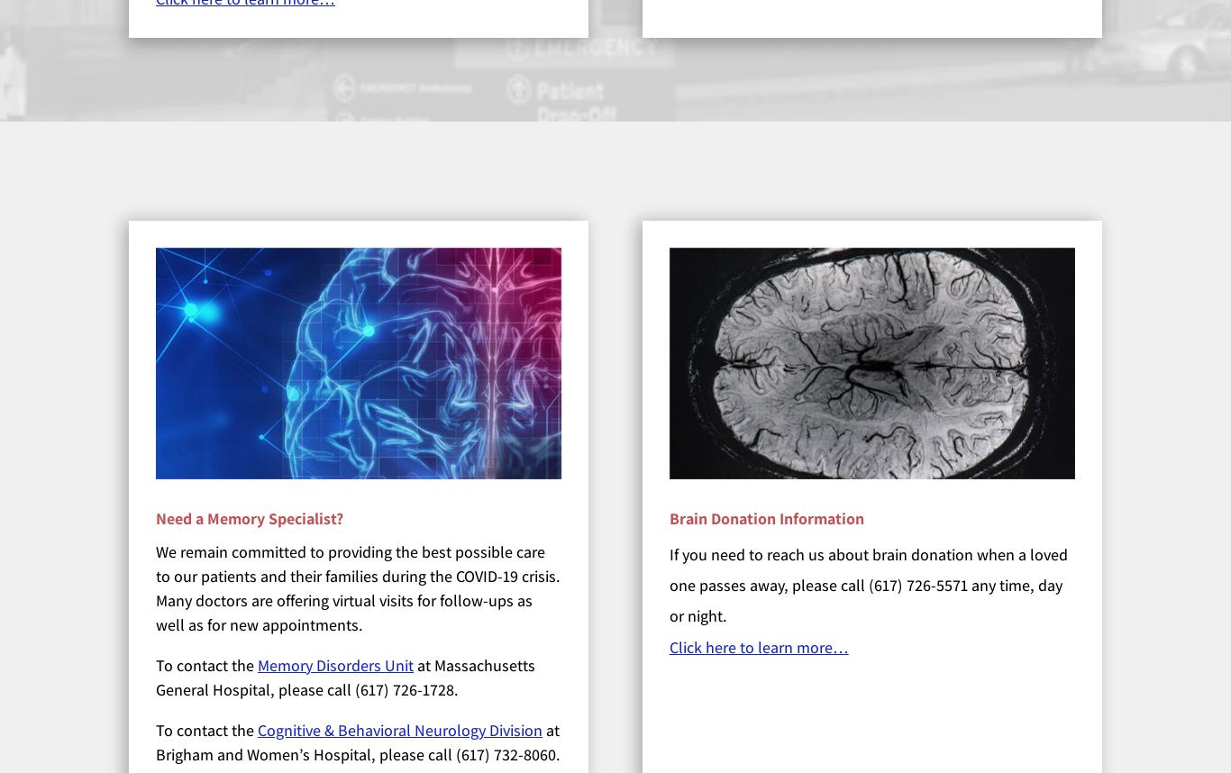  I want to click on 'Memory Disorders Unit', so click(334, 663).